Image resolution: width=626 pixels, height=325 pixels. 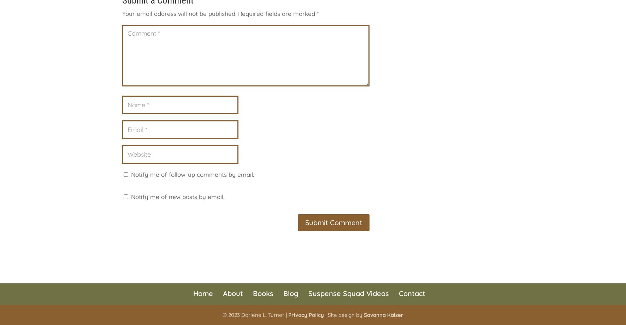 What do you see at coordinates (333, 222) in the screenshot?
I see `'Submit Comment'` at bounding box center [333, 222].